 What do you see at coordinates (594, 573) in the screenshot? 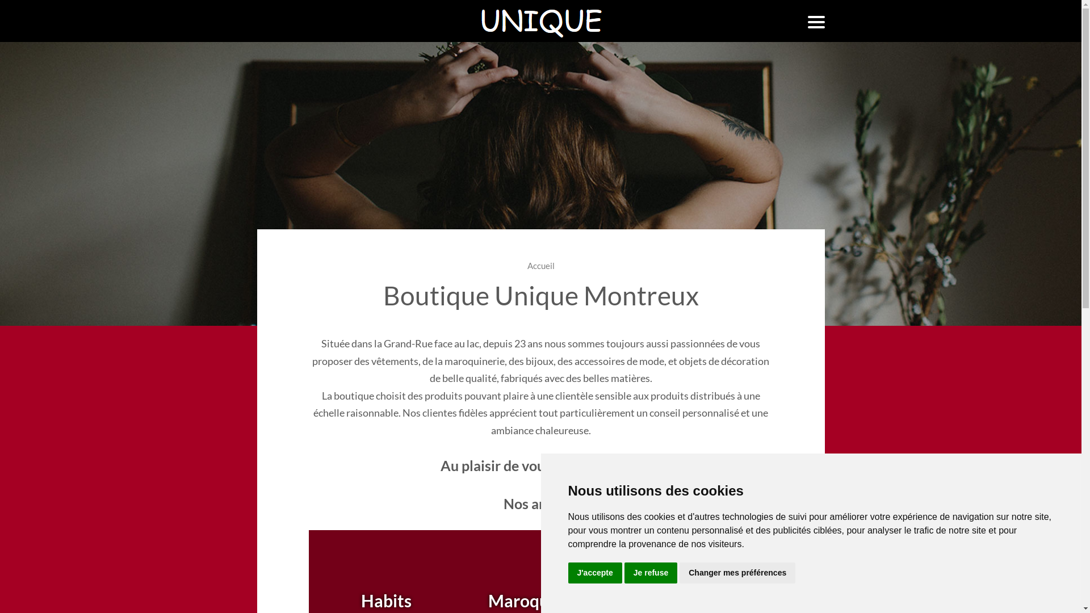
I see `'J'accepte'` at bounding box center [594, 573].